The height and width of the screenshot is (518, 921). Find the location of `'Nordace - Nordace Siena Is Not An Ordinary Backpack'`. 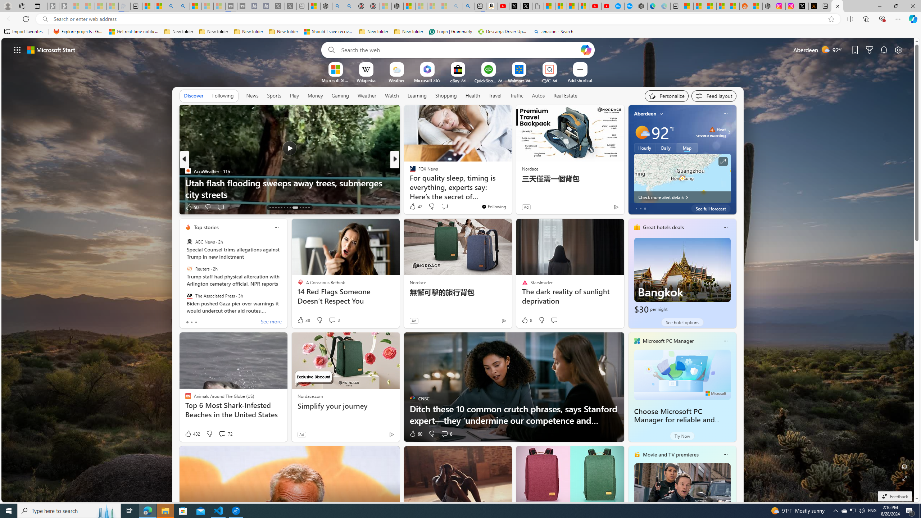

'Nordace - Nordace Siena Is Not An Ordinary Backpack' is located at coordinates (397, 6).